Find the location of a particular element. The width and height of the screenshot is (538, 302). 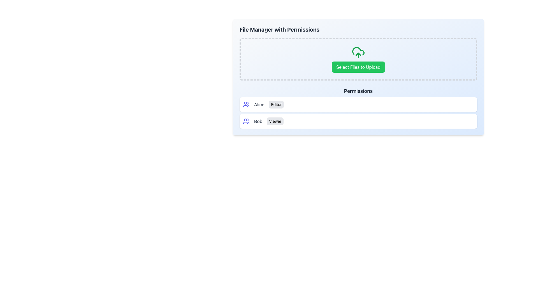

the user profile icon located to the left of the 'BobViewer' label, adjacent to the text label 'Bob' and the badge 'Viewer' to integrate it into user interactions is located at coordinates (246, 121).